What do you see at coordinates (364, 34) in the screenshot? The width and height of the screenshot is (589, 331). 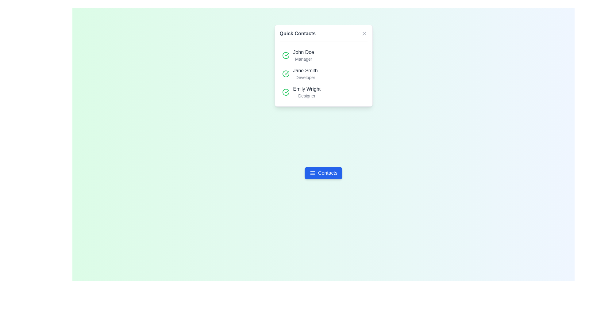 I see `the close button, which is a small X-shaped icon located at the top right corner of the 'Quick Contacts' dialog box` at bounding box center [364, 34].